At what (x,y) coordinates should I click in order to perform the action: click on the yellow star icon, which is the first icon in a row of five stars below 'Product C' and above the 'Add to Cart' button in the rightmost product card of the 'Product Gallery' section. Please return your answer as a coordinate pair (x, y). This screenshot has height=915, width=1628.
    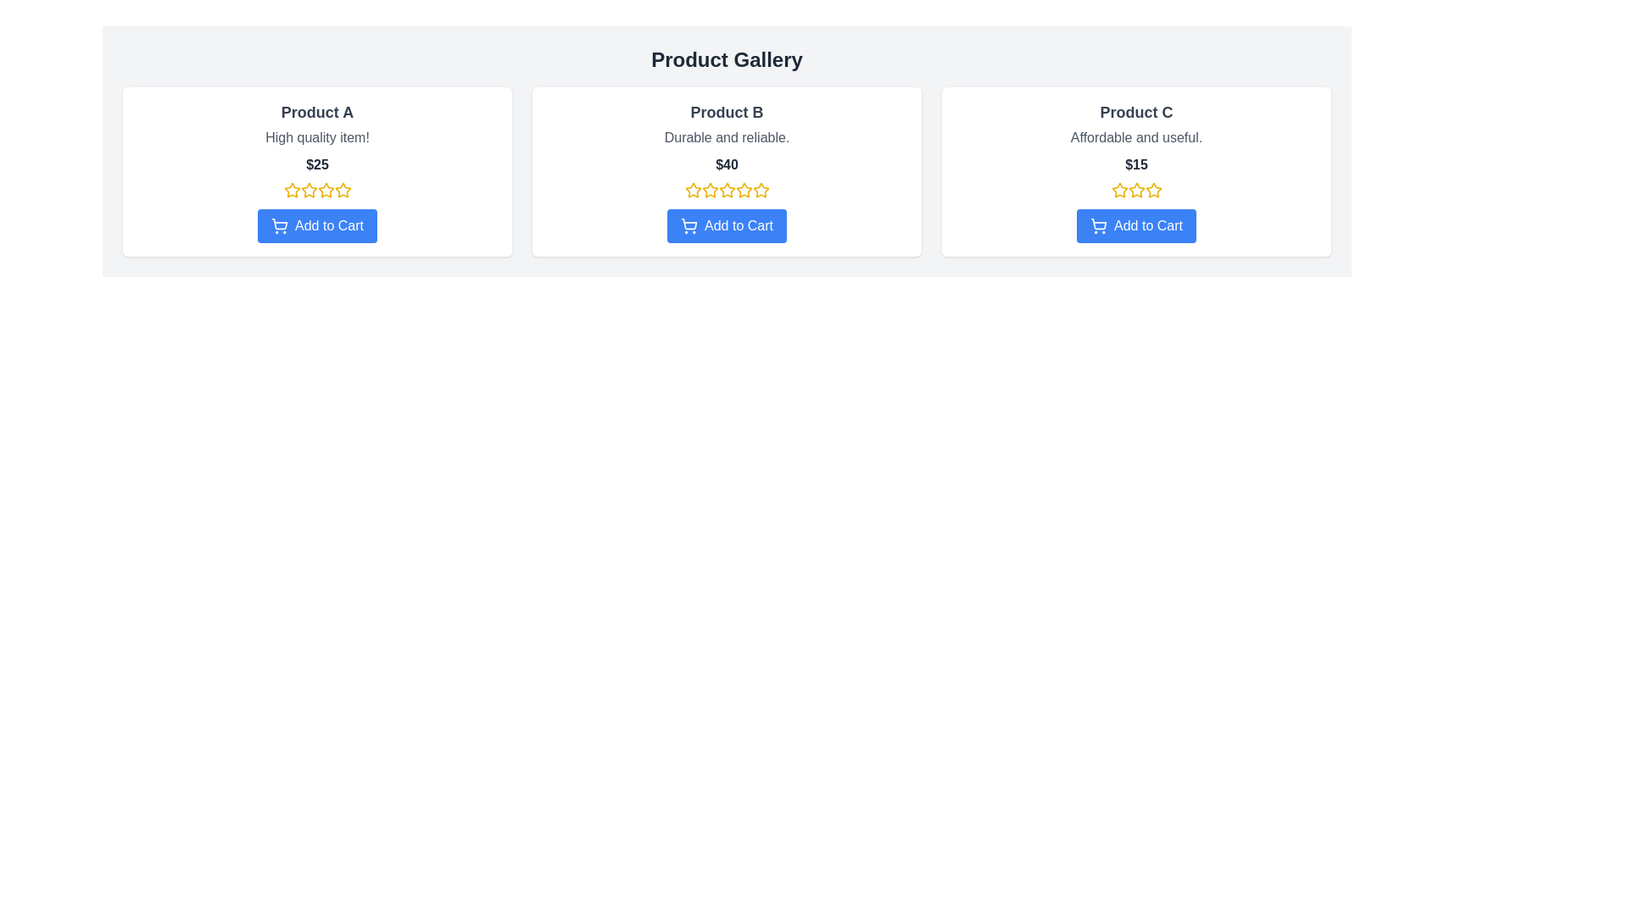
    Looking at the image, I should click on (1119, 190).